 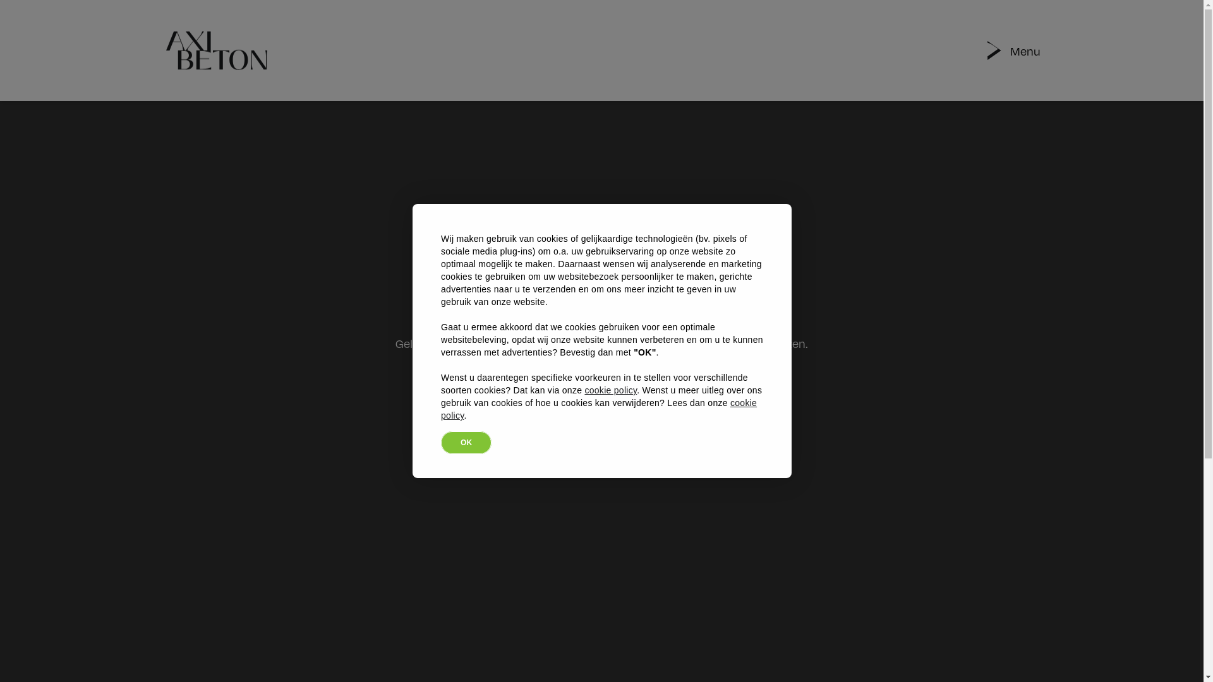 I want to click on 'cookie policy', so click(x=584, y=389).